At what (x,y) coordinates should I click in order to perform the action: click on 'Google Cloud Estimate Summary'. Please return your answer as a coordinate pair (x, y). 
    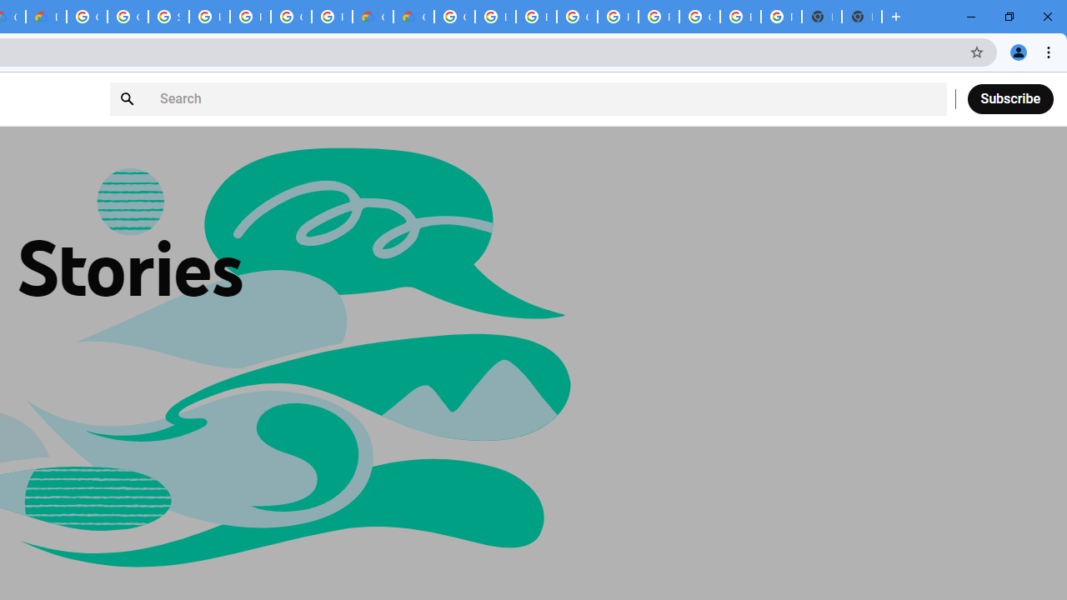
    Looking at the image, I should click on (413, 17).